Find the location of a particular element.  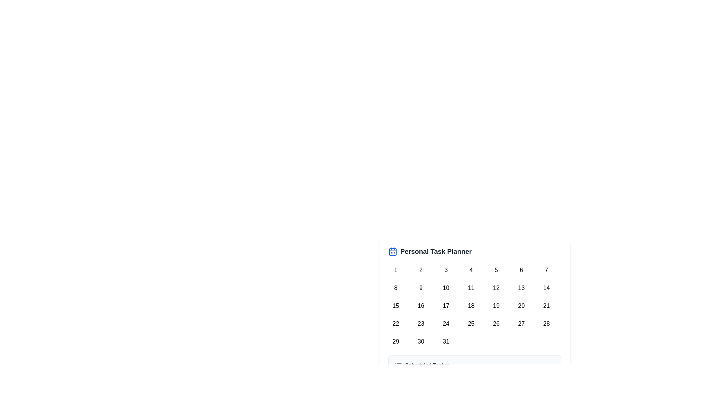

the date in the calendar grid layout representing a calendar, specifically selecting the date displayed in a circular button is located at coordinates (474, 306).